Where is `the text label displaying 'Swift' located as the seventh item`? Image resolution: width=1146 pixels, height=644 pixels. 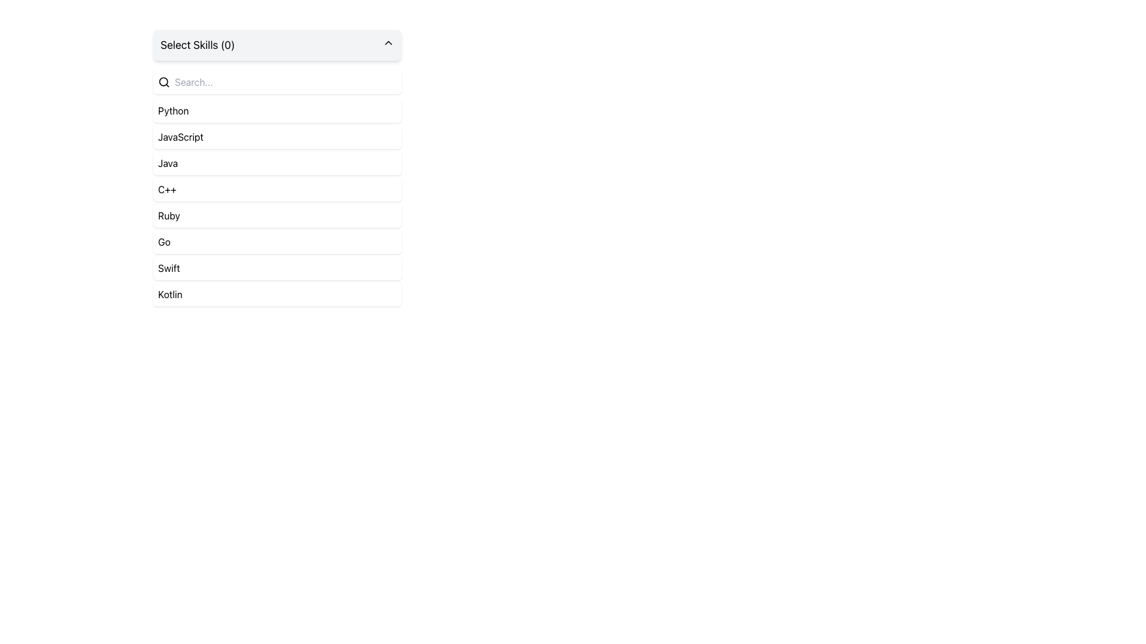 the text label displaying 'Swift' located as the seventh item is located at coordinates (168, 268).